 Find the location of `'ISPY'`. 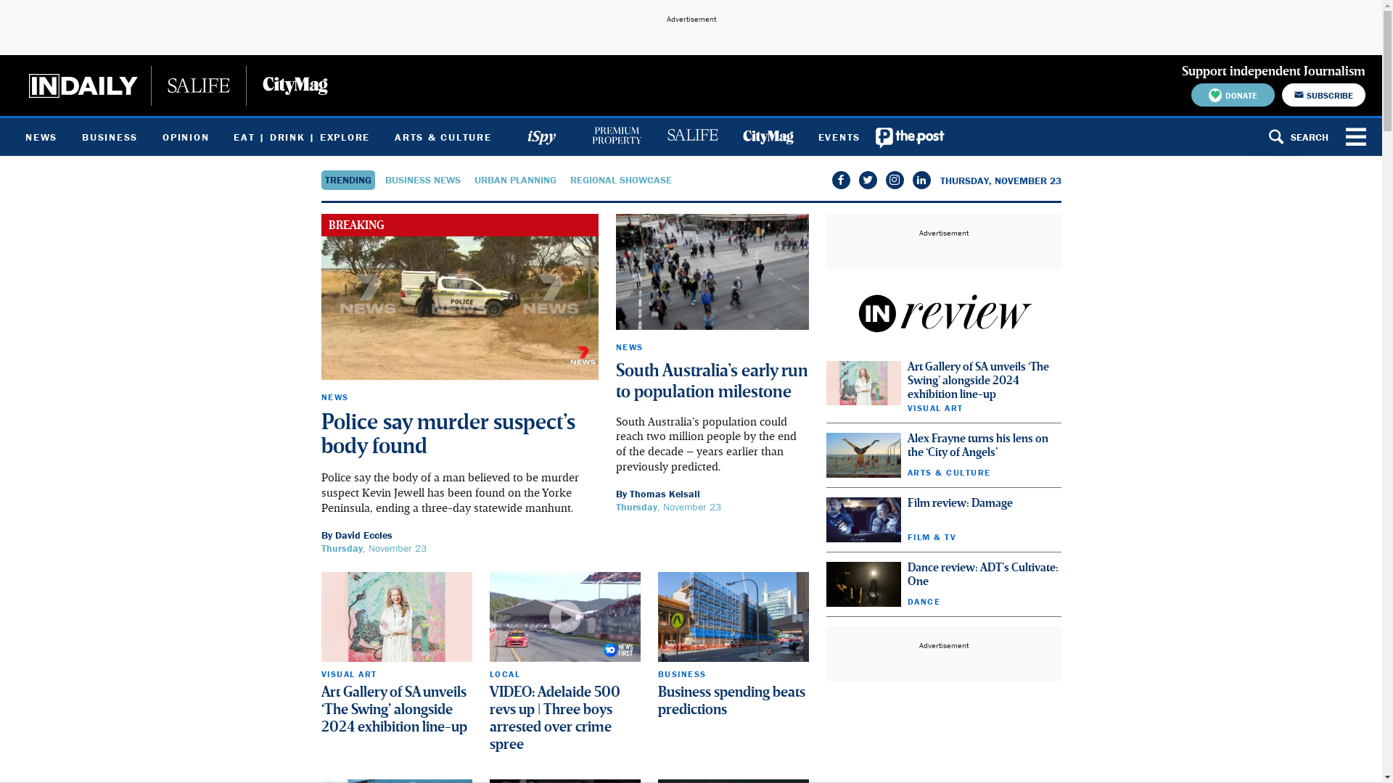

'ISPY' is located at coordinates (540, 137).